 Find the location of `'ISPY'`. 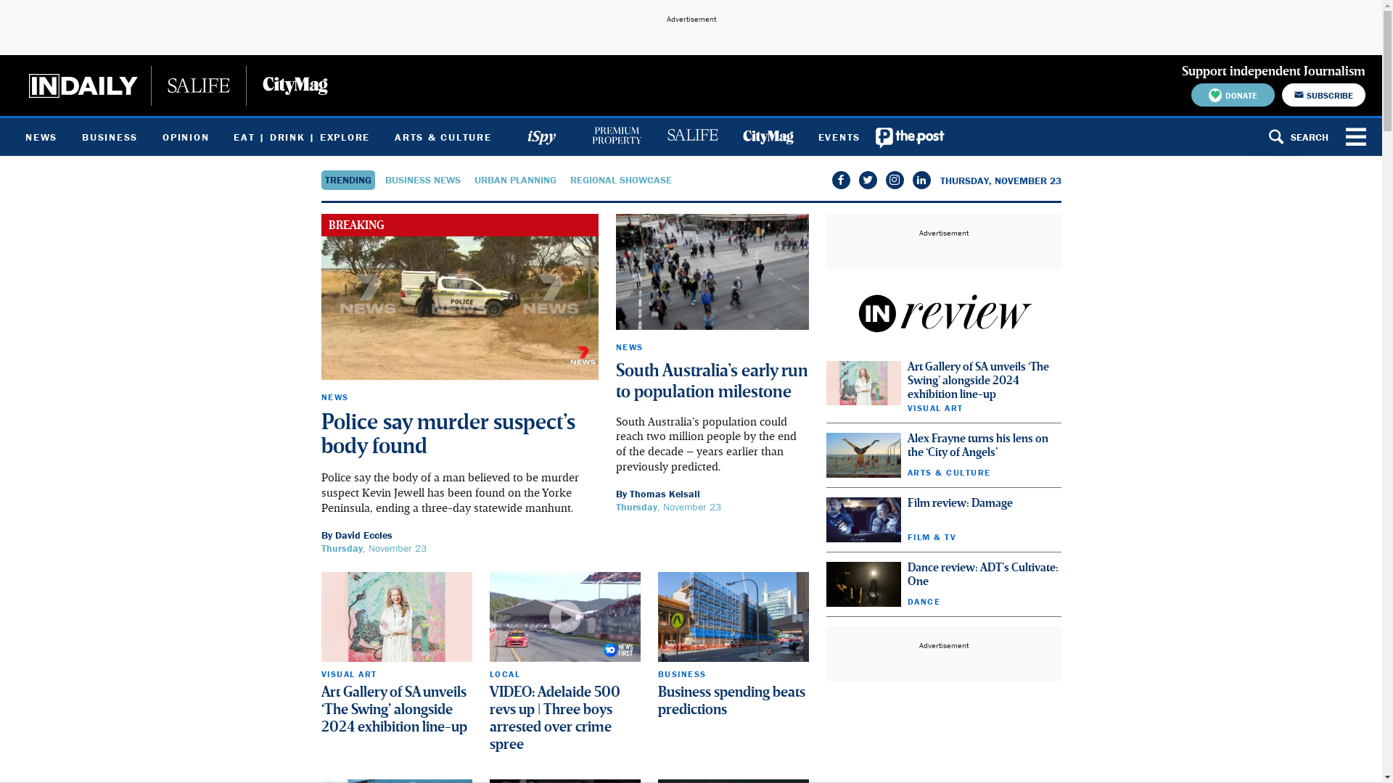

'ISPY' is located at coordinates (540, 137).